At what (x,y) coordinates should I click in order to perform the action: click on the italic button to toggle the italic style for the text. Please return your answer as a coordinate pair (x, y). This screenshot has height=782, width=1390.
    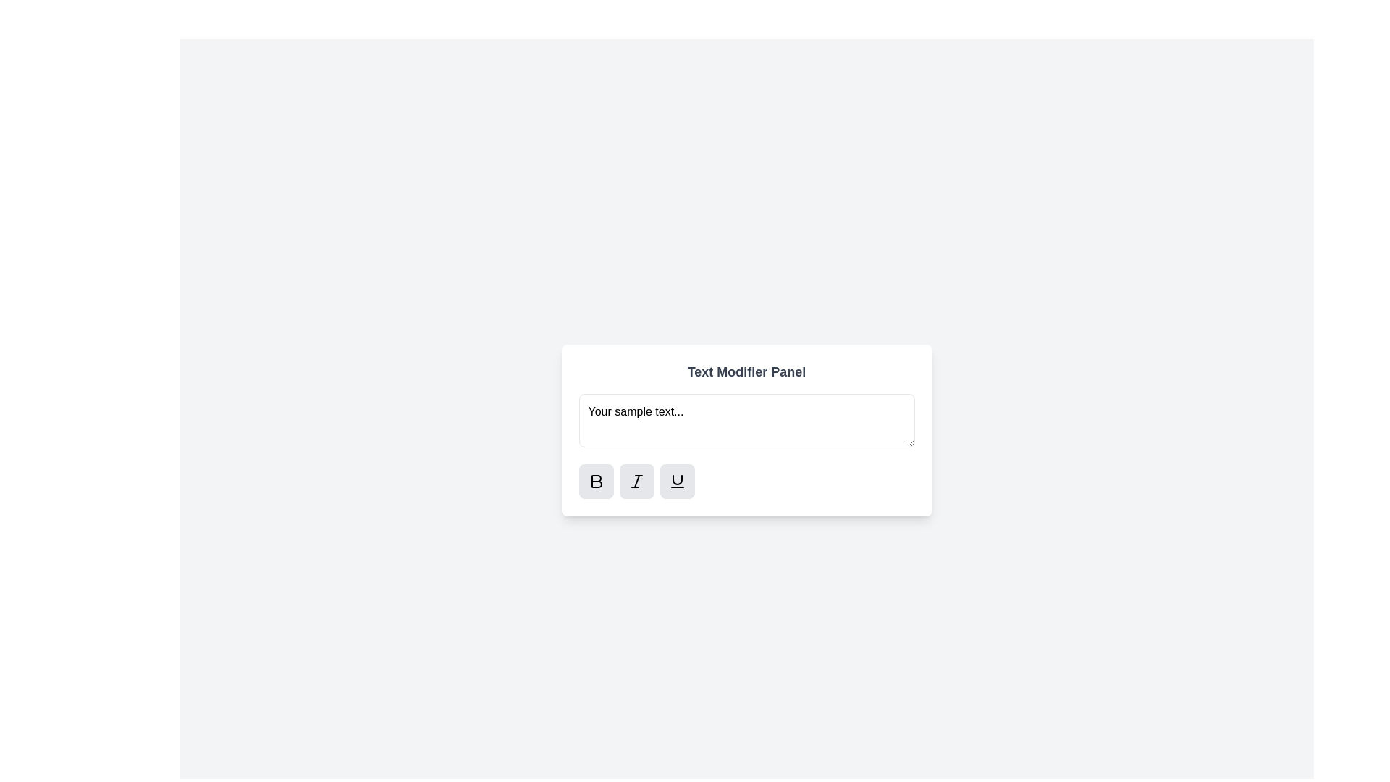
    Looking at the image, I should click on (636, 481).